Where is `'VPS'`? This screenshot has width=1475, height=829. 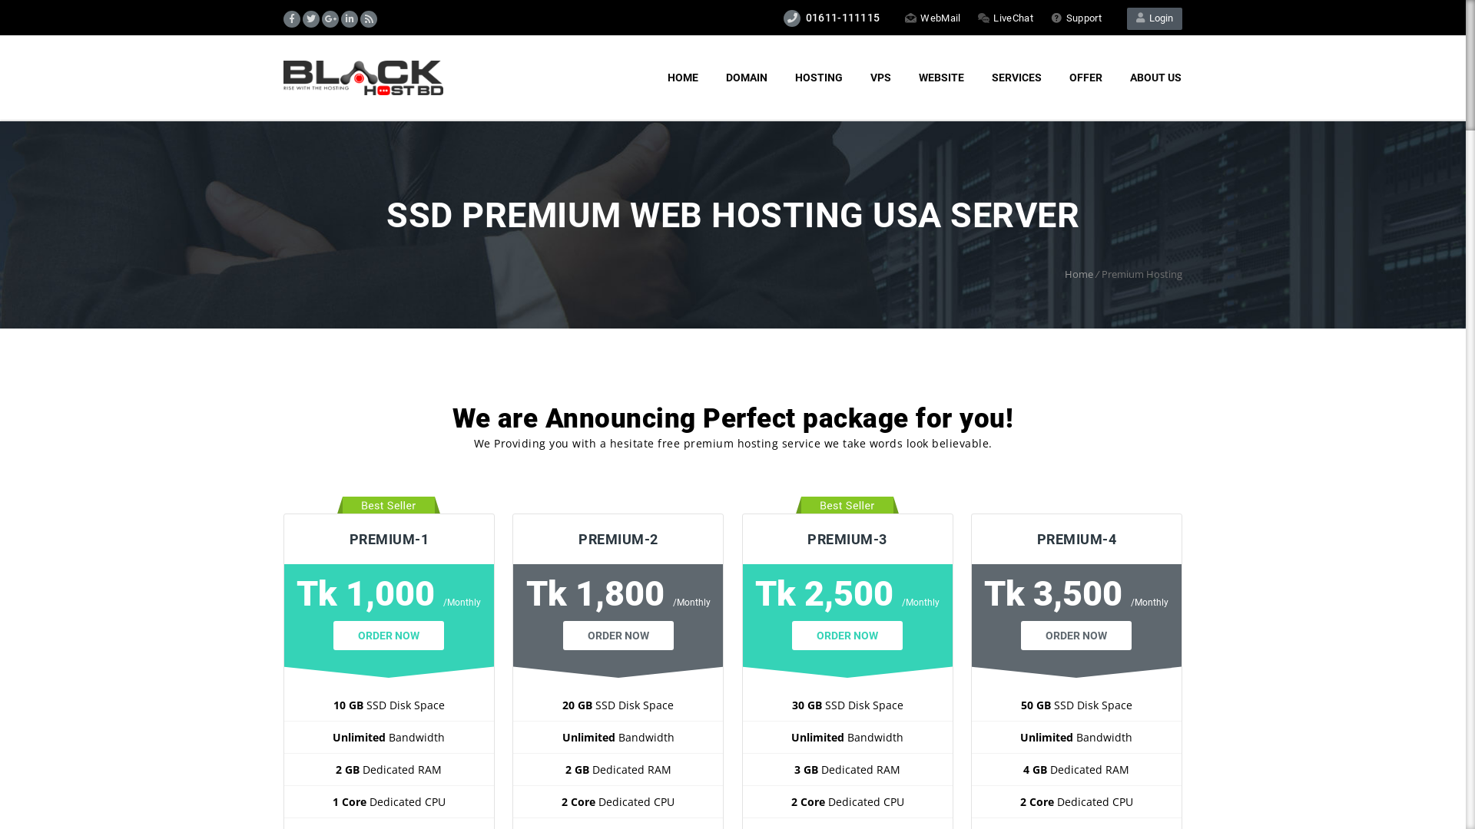
'VPS' is located at coordinates (880, 78).